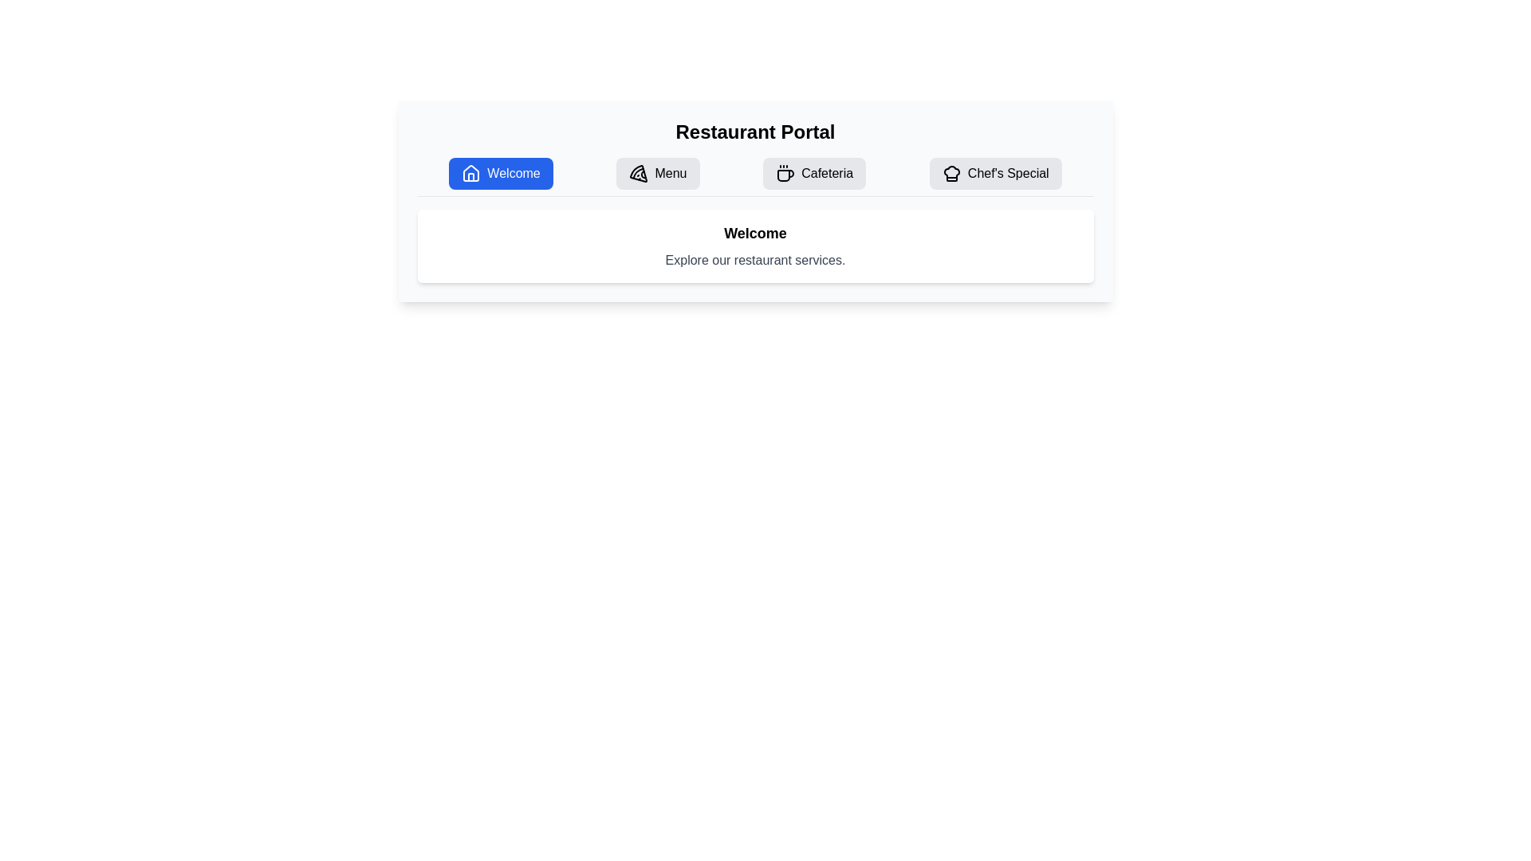 This screenshot has height=861, width=1531. Describe the element at coordinates (994, 174) in the screenshot. I see `the 'Chef's Special' button in the navigation bar` at that location.